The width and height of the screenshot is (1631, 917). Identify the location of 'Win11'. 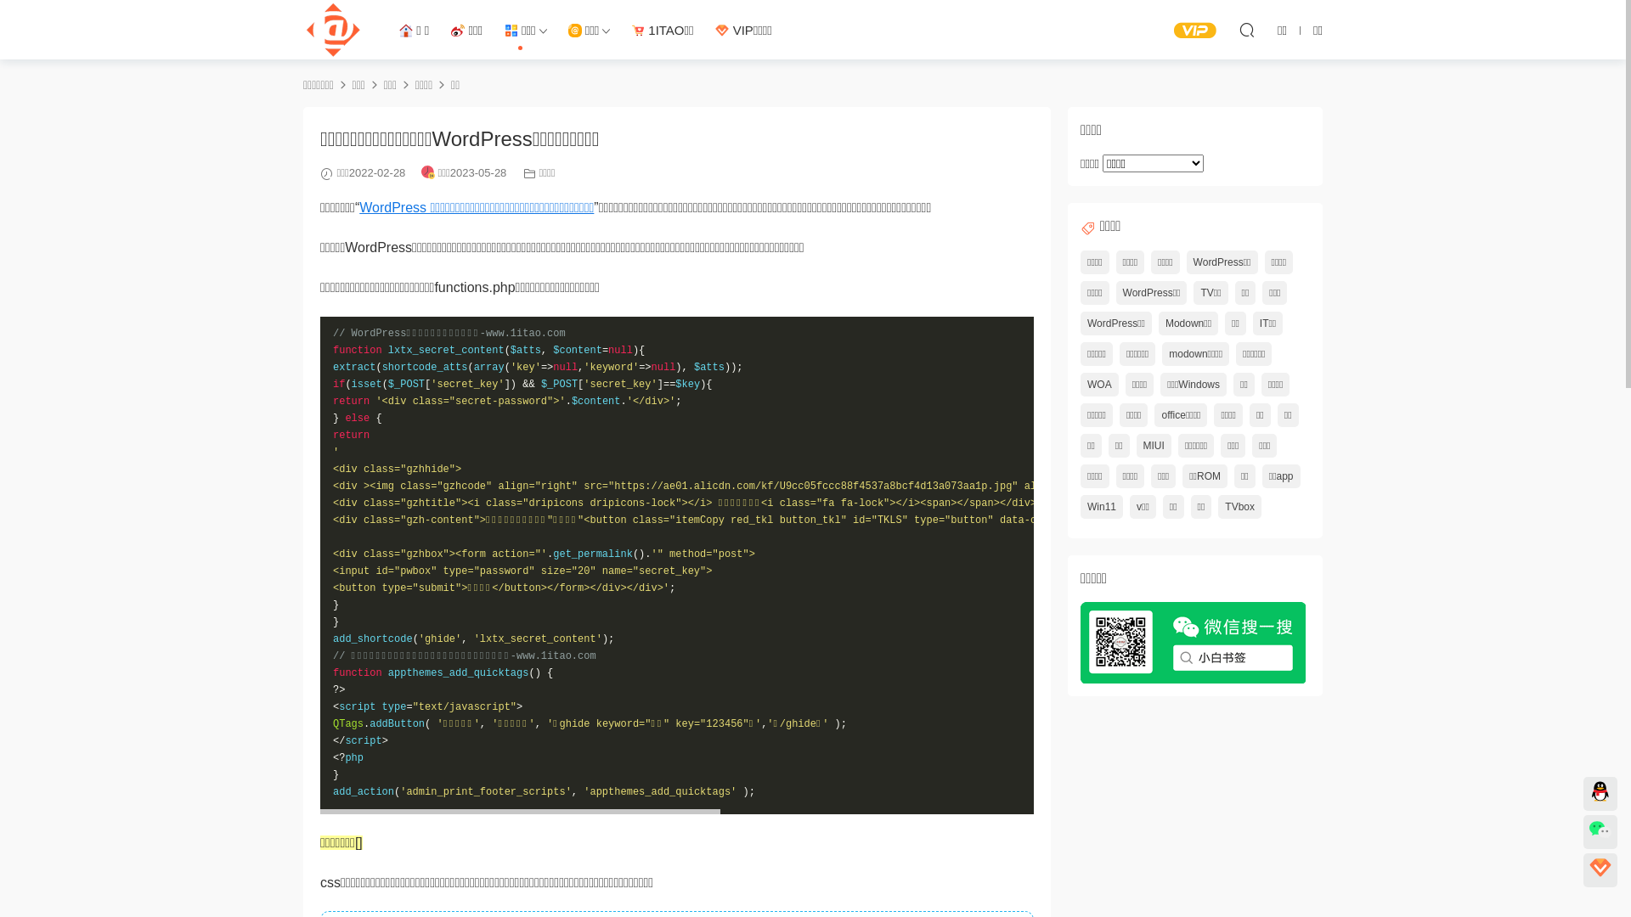
(1101, 505).